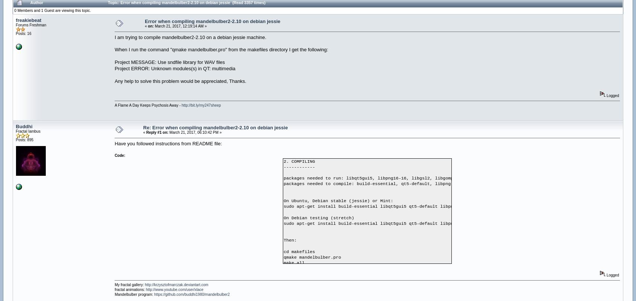 This screenshot has width=636, height=301. Describe the element at coordinates (52, 10) in the screenshot. I see `'0 Members and 1 Guest are viewing this topic.'` at that location.